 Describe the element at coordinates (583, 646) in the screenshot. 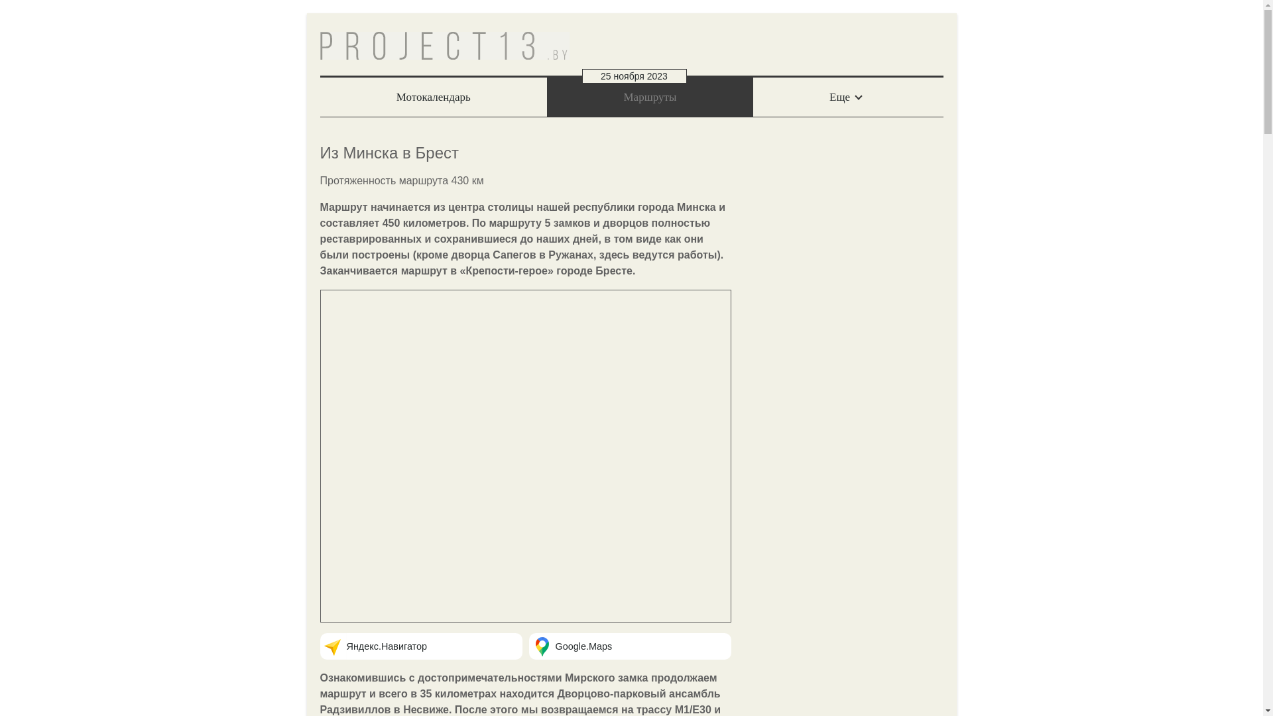

I see `'Google.Maps'` at that location.